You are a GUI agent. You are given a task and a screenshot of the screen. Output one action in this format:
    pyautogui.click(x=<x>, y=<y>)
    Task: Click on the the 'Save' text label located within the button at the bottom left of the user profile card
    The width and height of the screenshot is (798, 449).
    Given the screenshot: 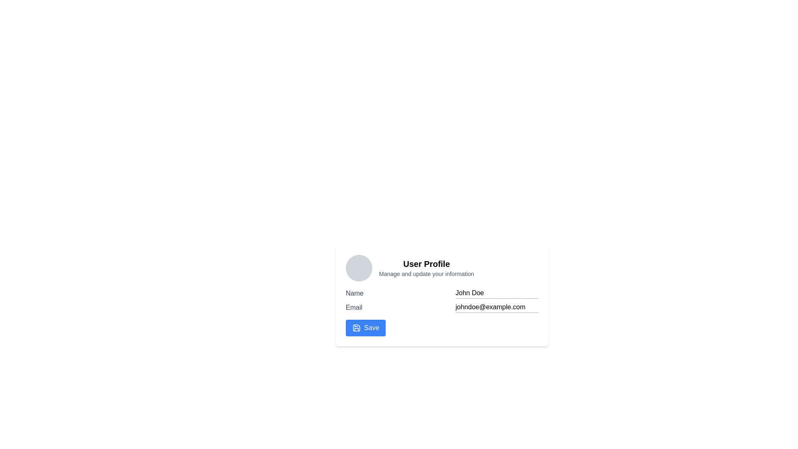 What is the action you would take?
    pyautogui.click(x=371, y=328)
    